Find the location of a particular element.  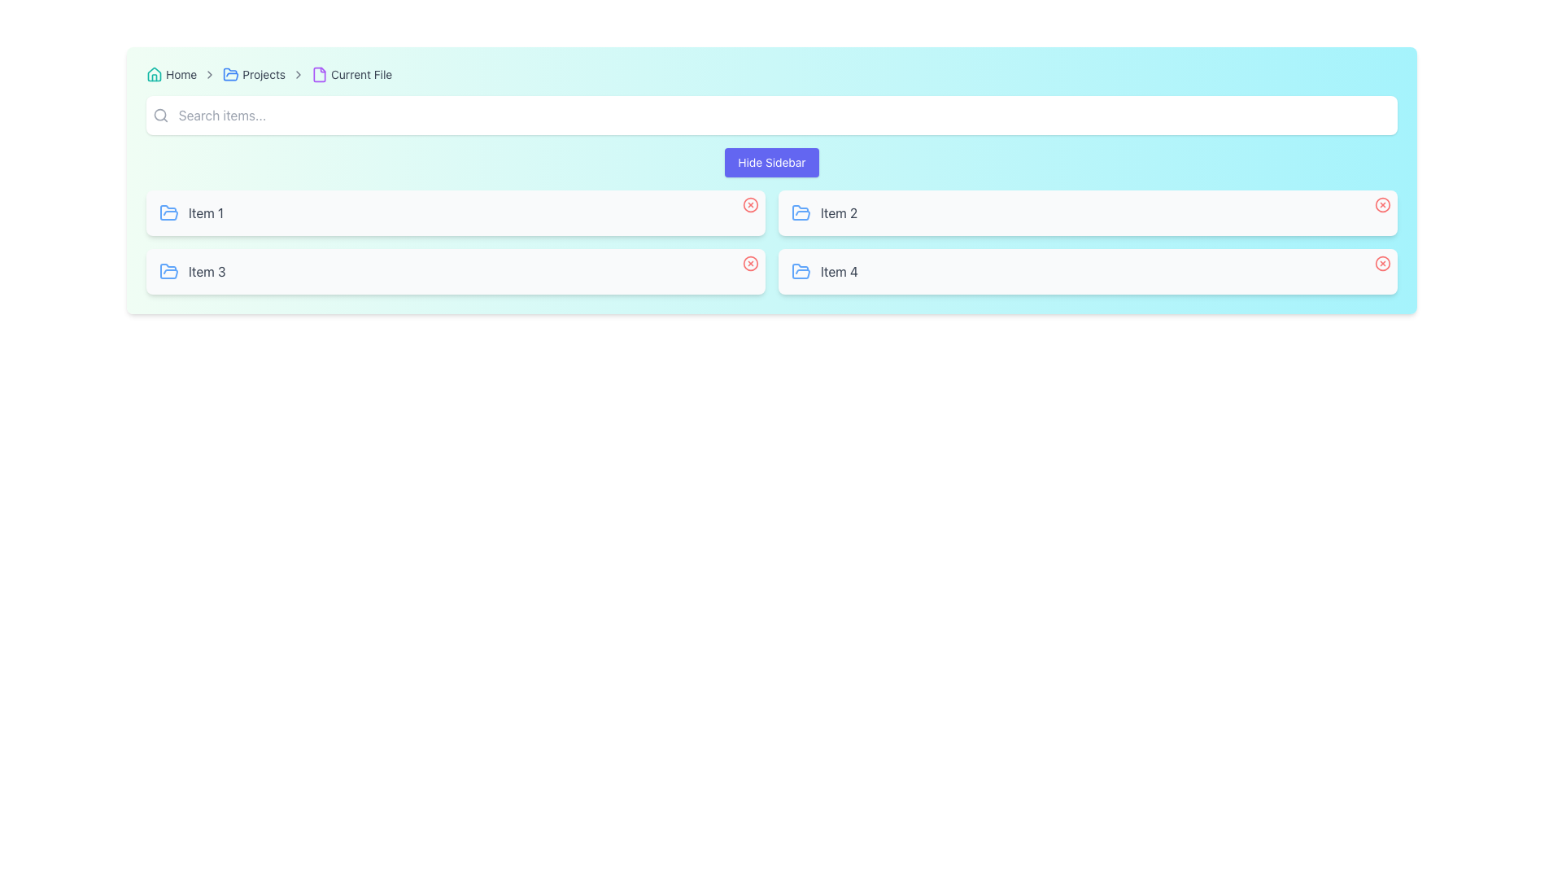

the rectangular card labeled 'Item 3' with a blue folder icon and a red 'x' button in the top-right corner is located at coordinates (456, 271).